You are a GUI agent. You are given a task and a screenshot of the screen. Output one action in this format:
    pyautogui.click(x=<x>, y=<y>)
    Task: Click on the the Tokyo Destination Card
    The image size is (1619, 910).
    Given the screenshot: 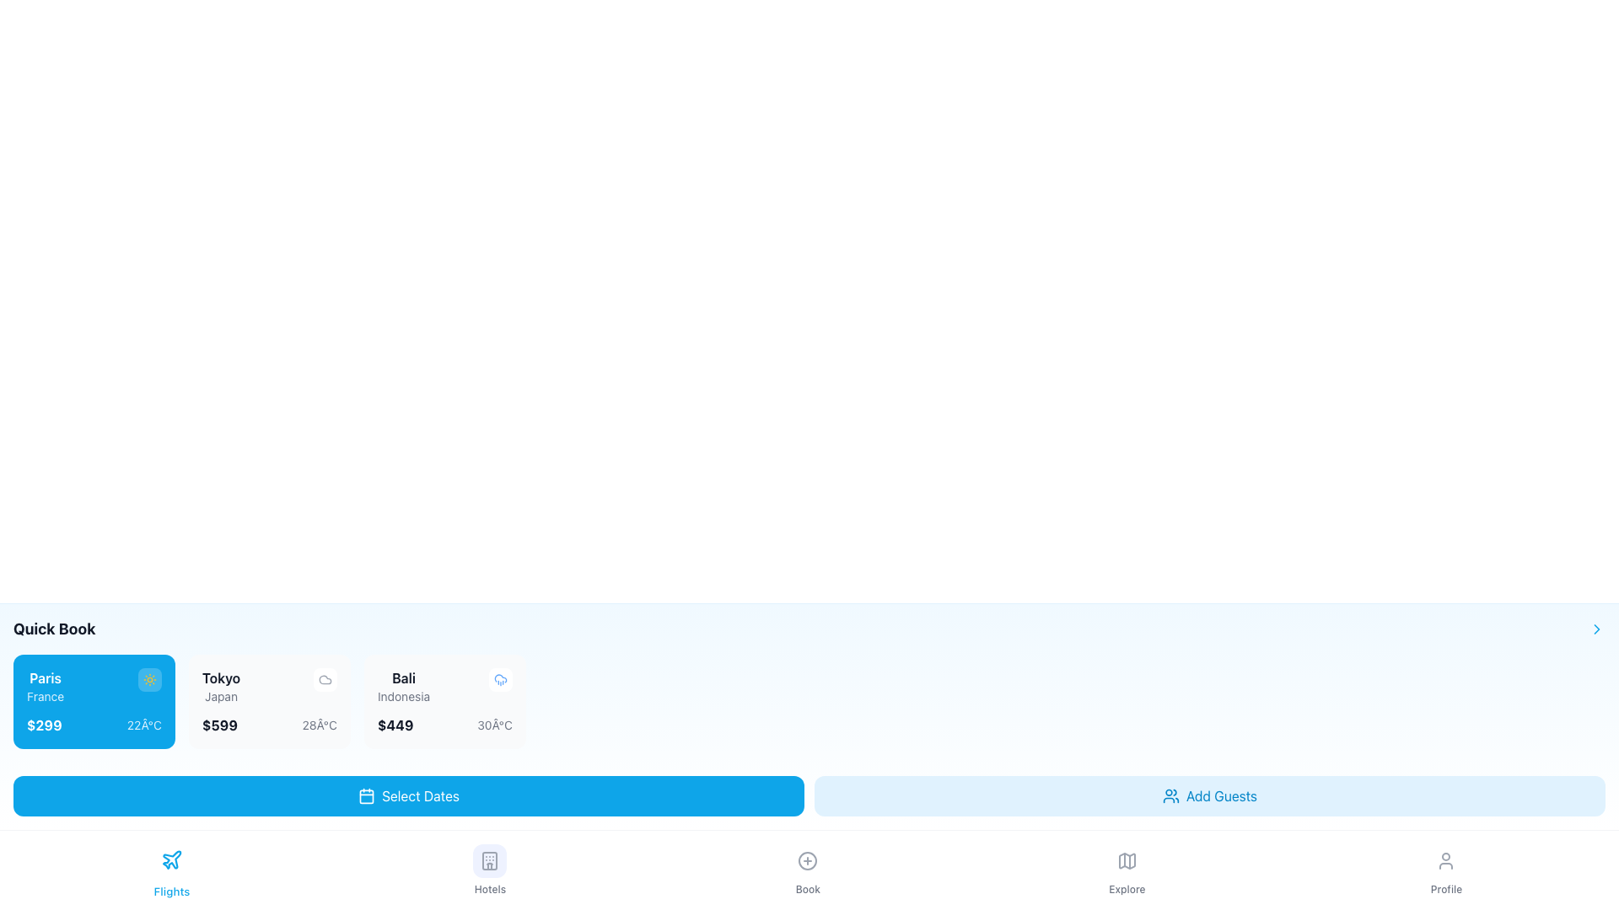 What is the action you would take?
    pyautogui.click(x=270, y=702)
    